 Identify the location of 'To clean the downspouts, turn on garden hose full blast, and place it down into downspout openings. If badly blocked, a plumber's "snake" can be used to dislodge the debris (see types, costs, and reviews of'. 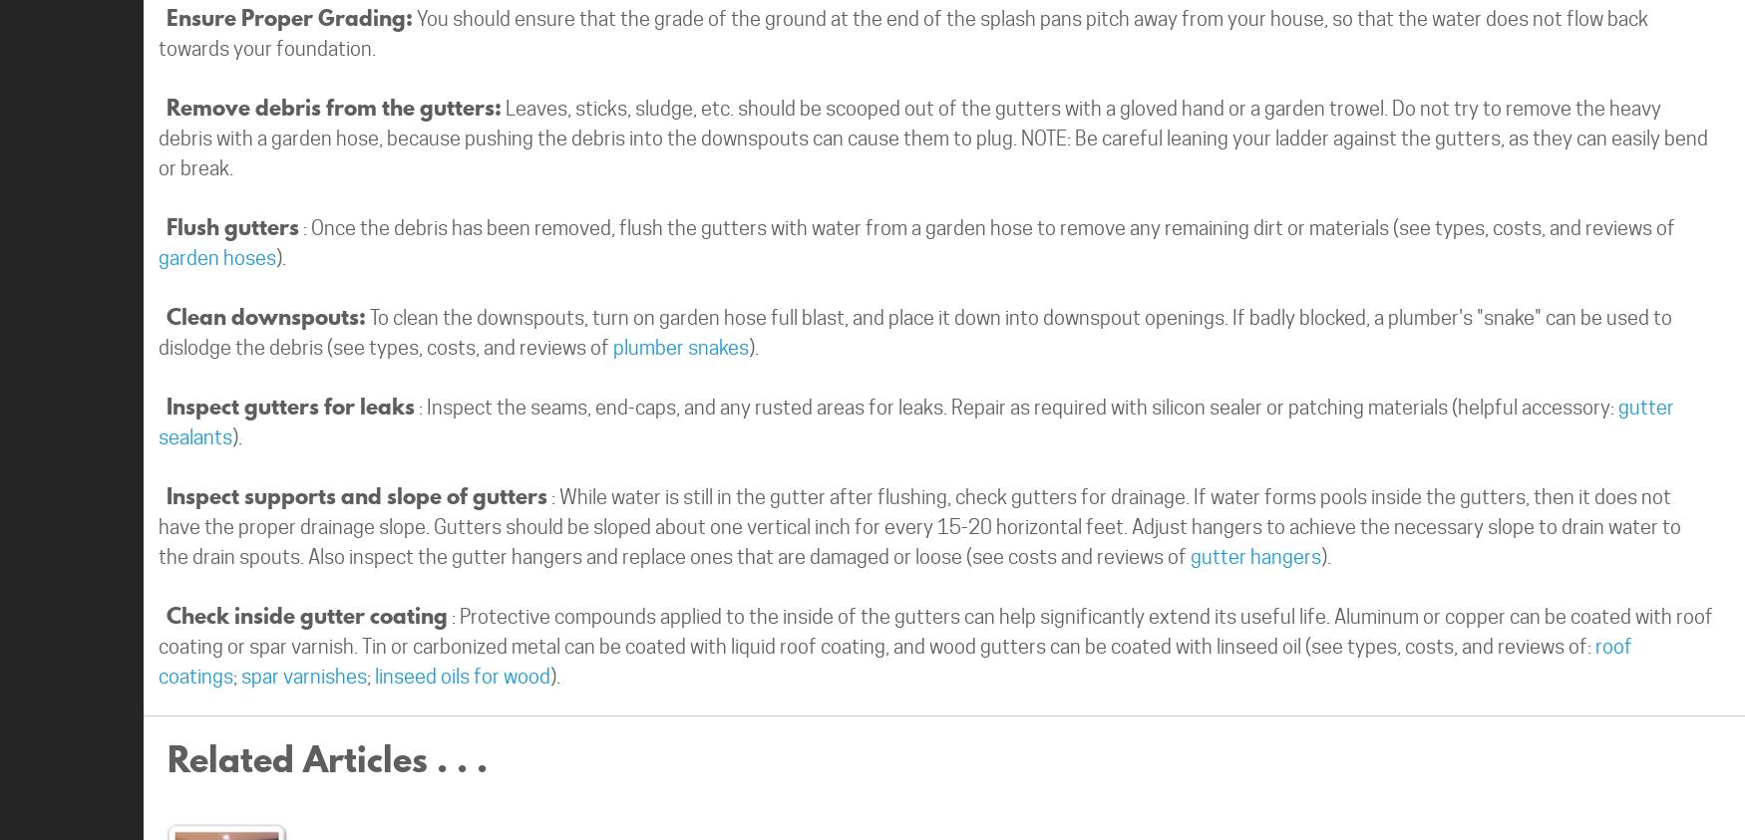
(914, 331).